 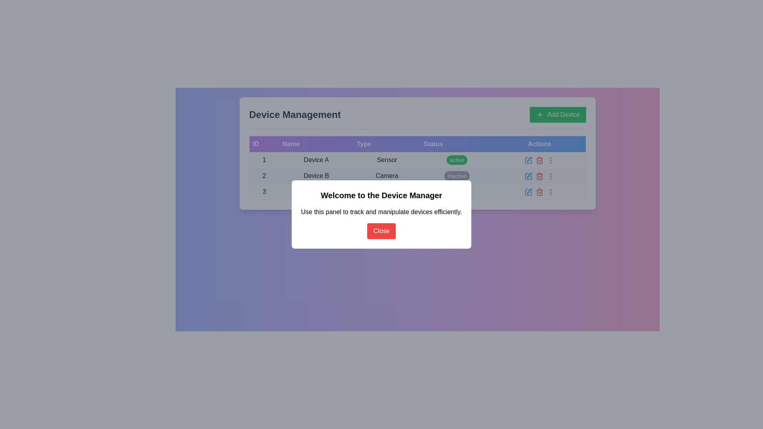 I want to click on the edit icon button located in the Actions column of the table for Device B to initiate an edit action, so click(x=529, y=174).